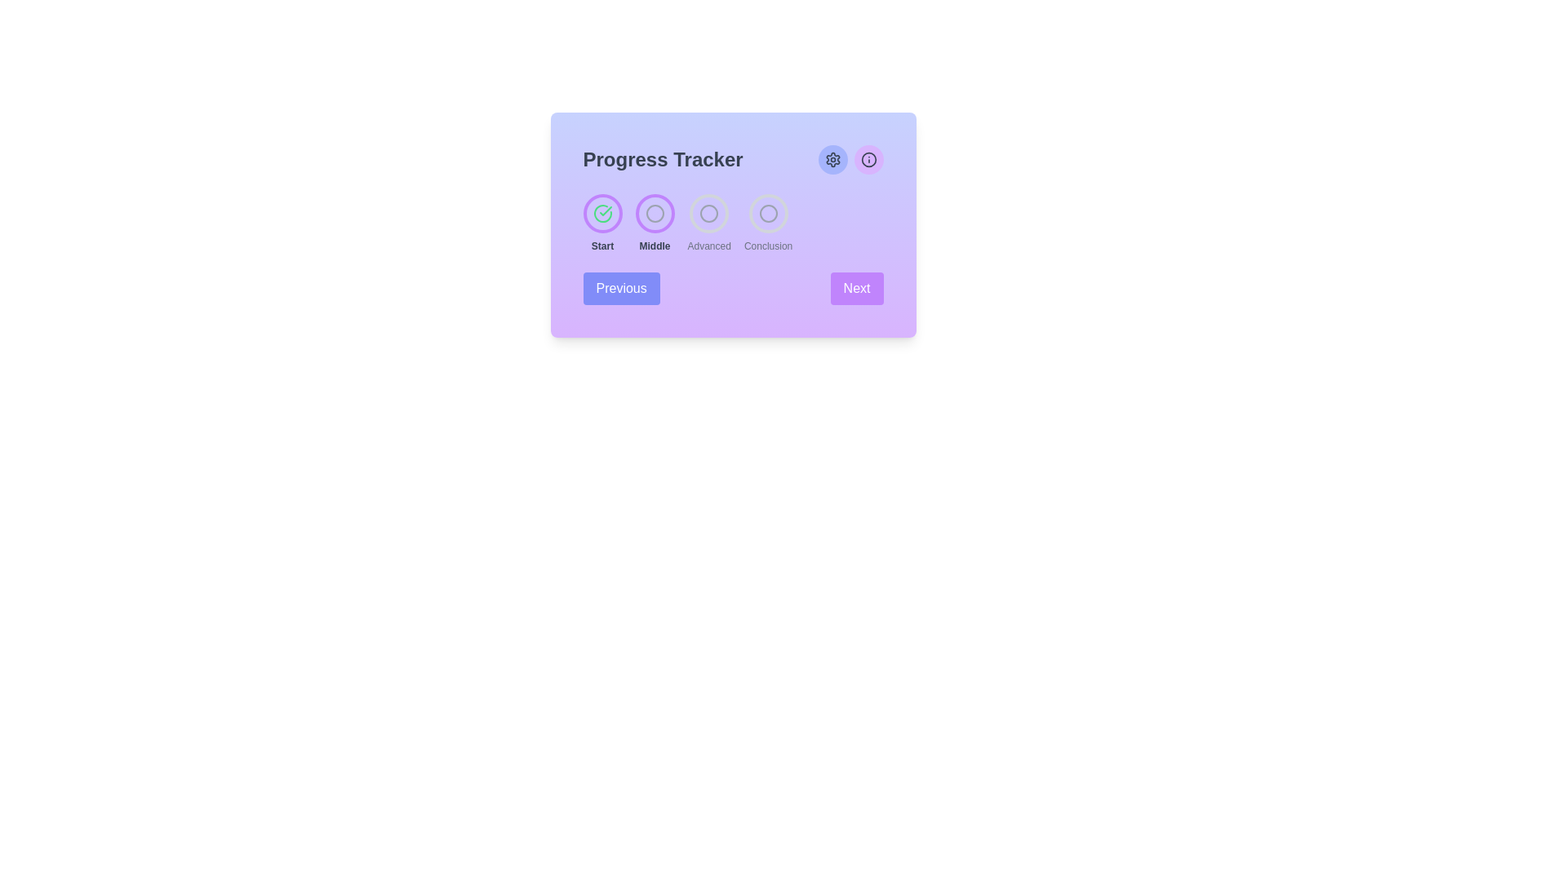  Describe the element at coordinates (850, 160) in the screenshot. I see `the information button located in the cluster of interactive rounded buttons to the right of the 'Progress Tracker' title` at that location.